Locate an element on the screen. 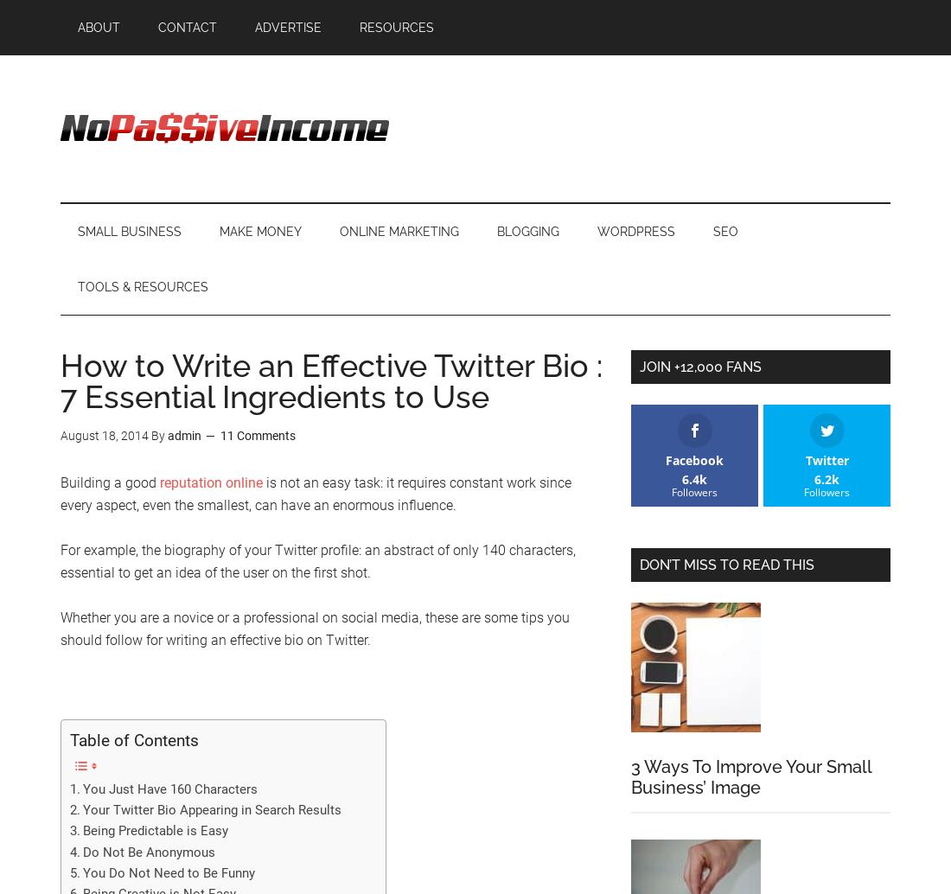 This screenshot has width=951, height=894. 'About' is located at coordinates (99, 27).